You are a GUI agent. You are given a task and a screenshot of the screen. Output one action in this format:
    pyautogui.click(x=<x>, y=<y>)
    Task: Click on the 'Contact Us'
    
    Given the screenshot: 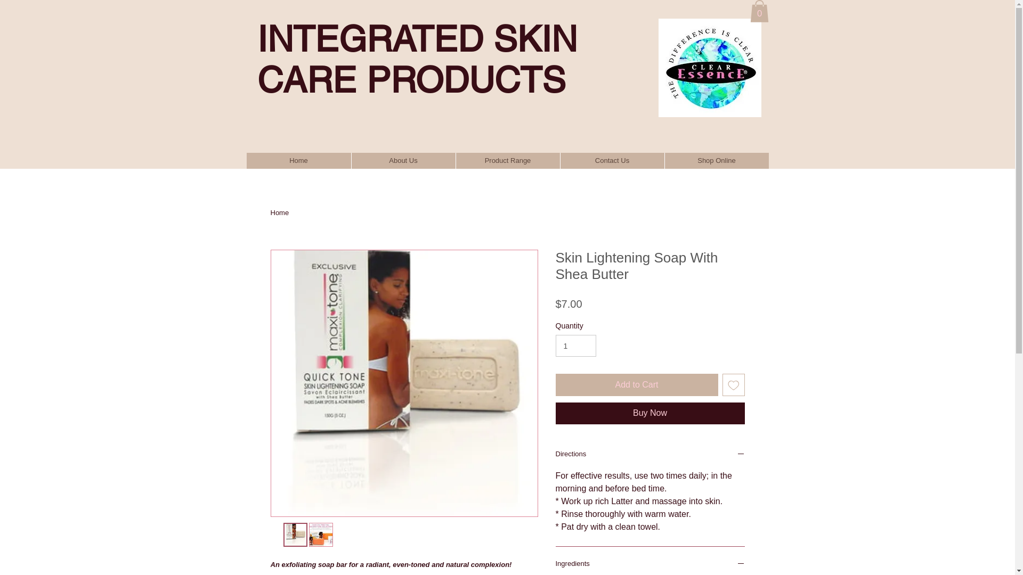 What is the action you would take?
    pyautogui.click(x=611, y=160)
    